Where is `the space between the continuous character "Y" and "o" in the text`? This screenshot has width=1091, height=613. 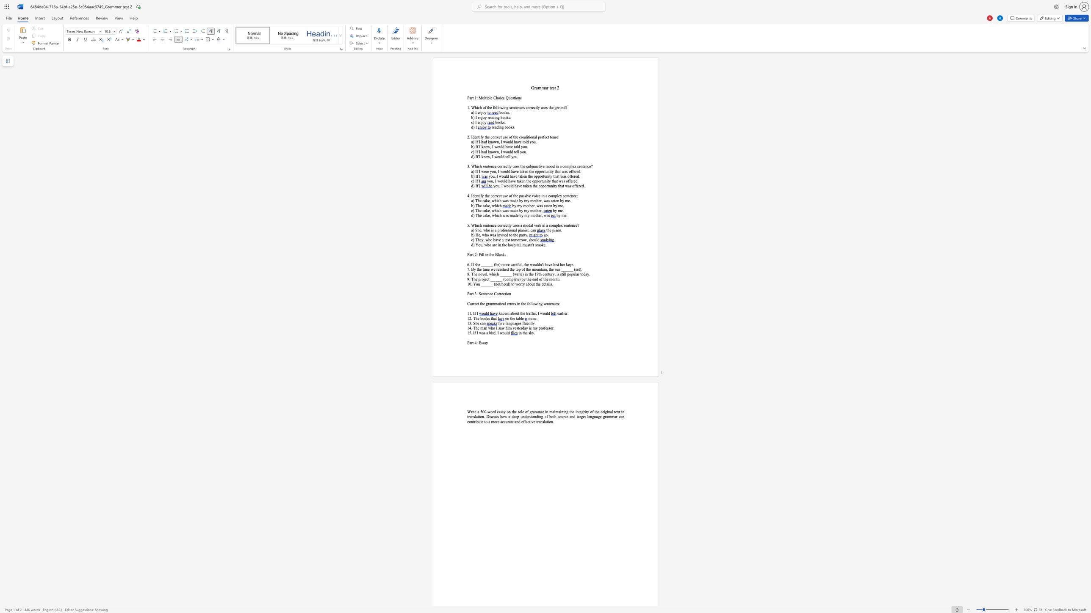 the space between the continuous character "Y" and "o" in the text is located at coordinates (478, 245).